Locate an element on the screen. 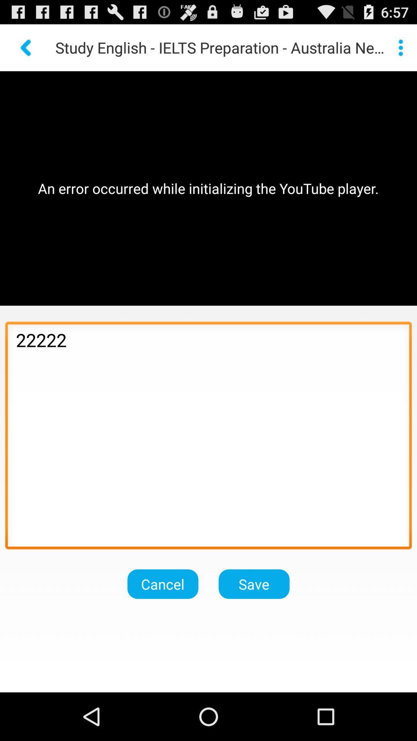 The image size is (417, 741). go back is located at coordinates (26, 47).